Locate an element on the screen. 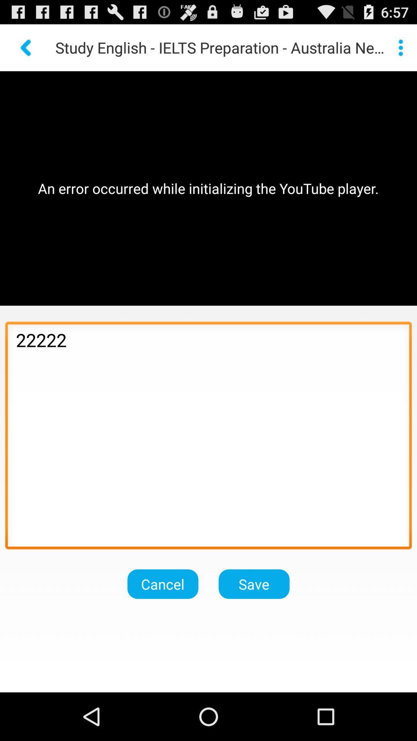 The image size is (417, 741). go back is located at coordinates (26, 47).